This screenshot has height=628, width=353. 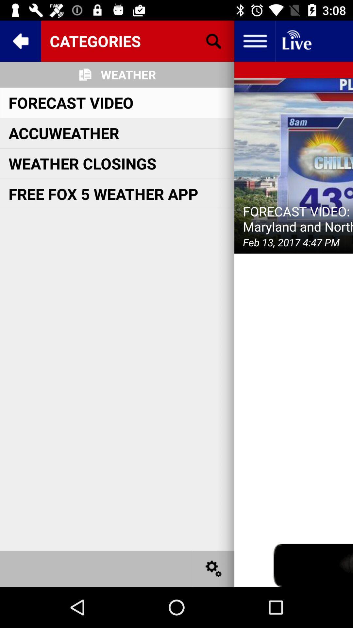 I want to click on icon above the weather, so click(x=137, y=41).